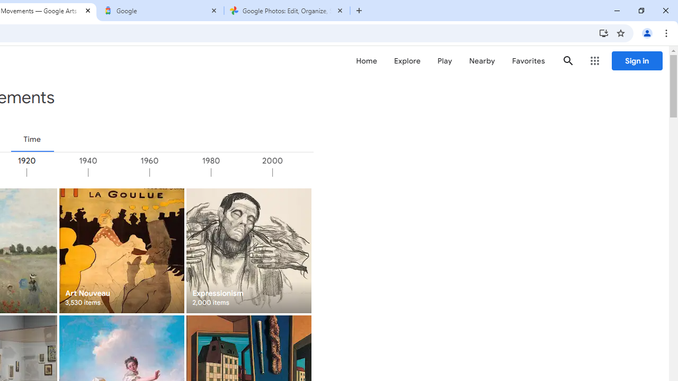 The width and height of the screenshot is (678, 381). What do you see at coordinates (56, 172) in the screenshot?
I see `'1920'` at bounding box center [56, 172].